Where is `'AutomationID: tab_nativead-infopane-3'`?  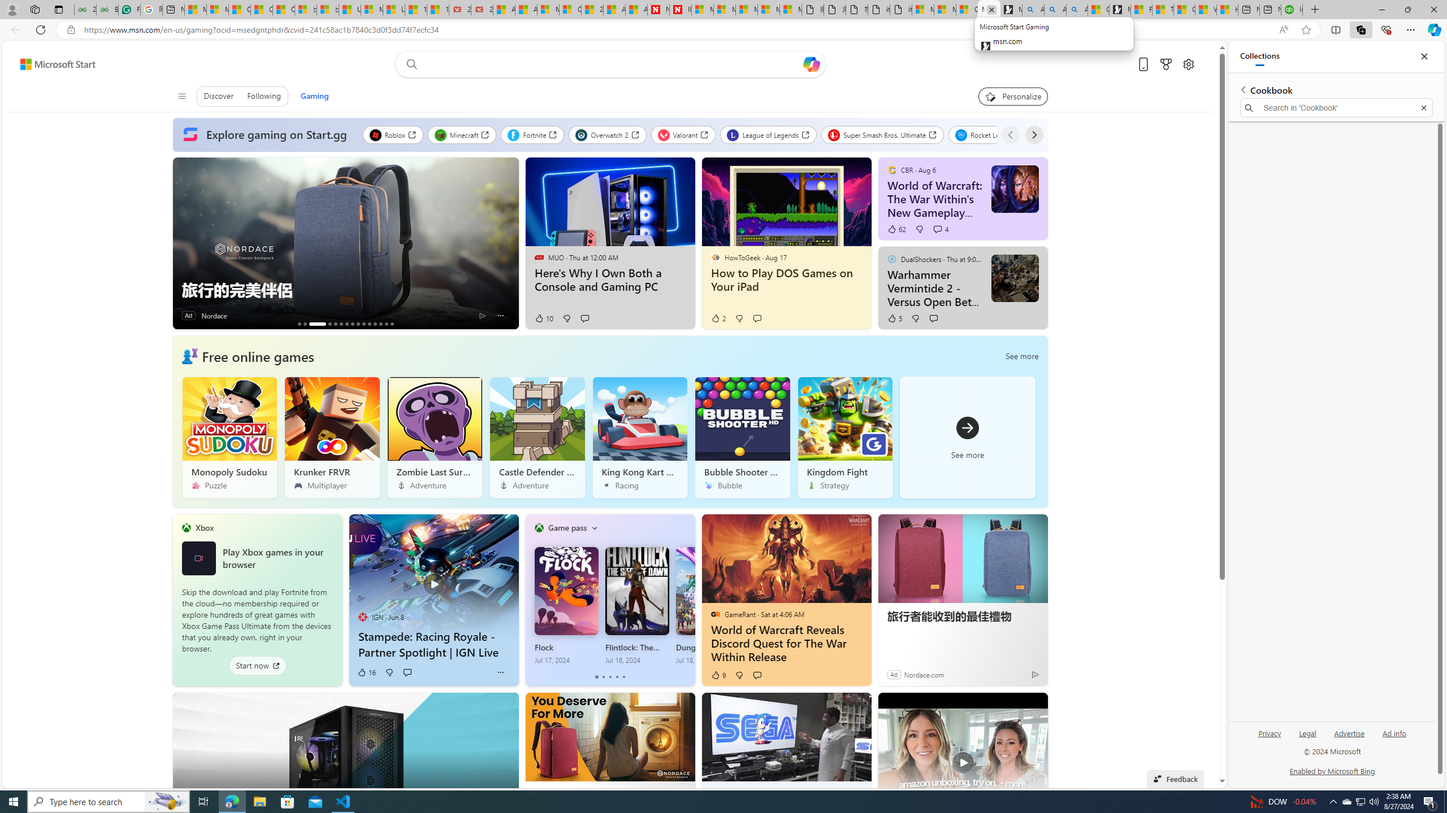
'AutomationID: tab_nativead-infopane-3' is located at coordinates (316, 324).